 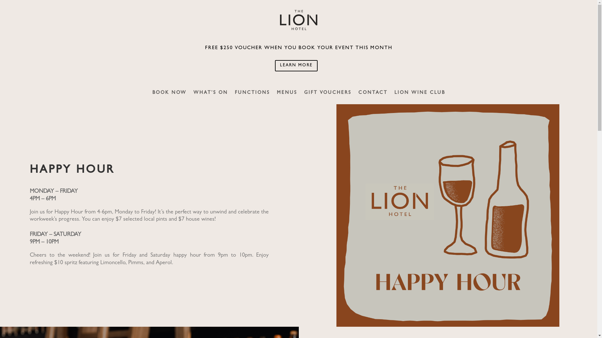 What do you see at coordinates (420, 98) in the screenshot?
I see `'LION WINE CLUB'` at bounding box center [420, 98].